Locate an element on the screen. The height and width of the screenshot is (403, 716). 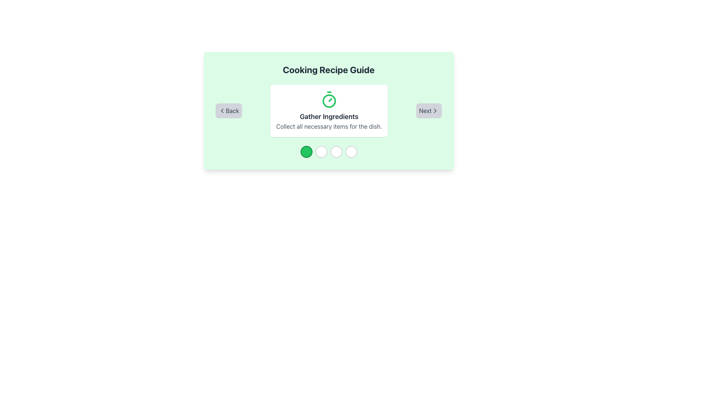
the second Circle Indicator in the horizontal arrangement of four indicators is located at coordinates (321, 151).